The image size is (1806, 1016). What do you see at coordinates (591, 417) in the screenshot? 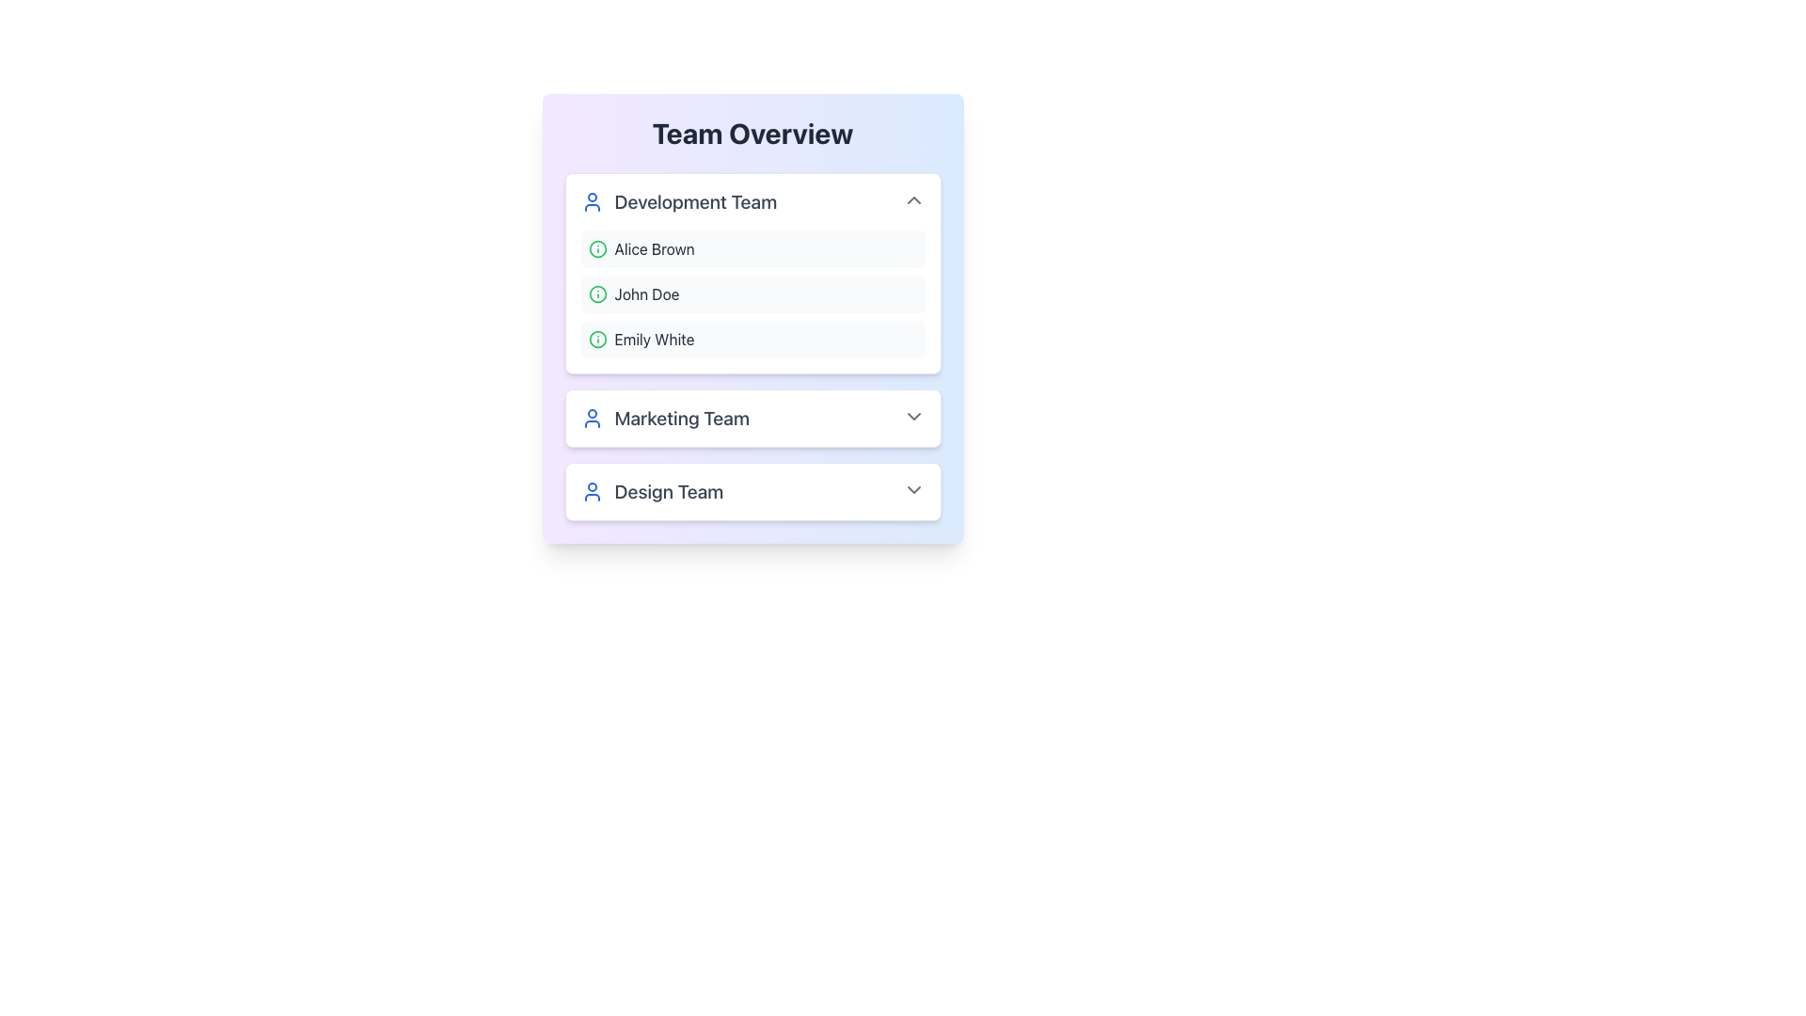
I see `the SVG icon representing the 'Marketing Team', which is located adjacent to the 'Marketing Team' header text` at bounding box center [591, 417].